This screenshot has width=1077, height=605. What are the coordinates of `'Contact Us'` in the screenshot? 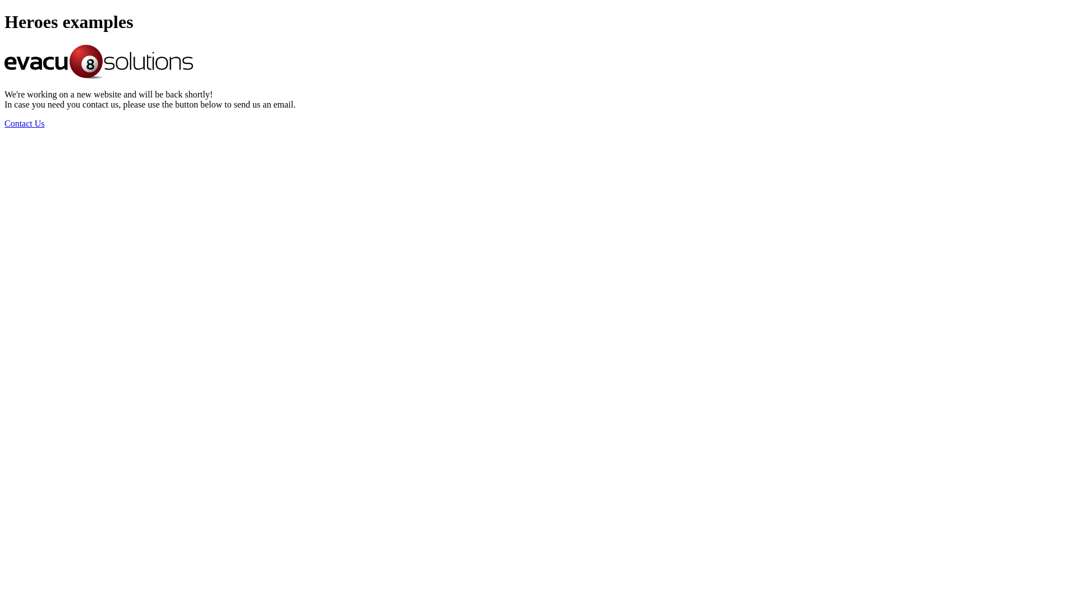 It's located at (24, 123).